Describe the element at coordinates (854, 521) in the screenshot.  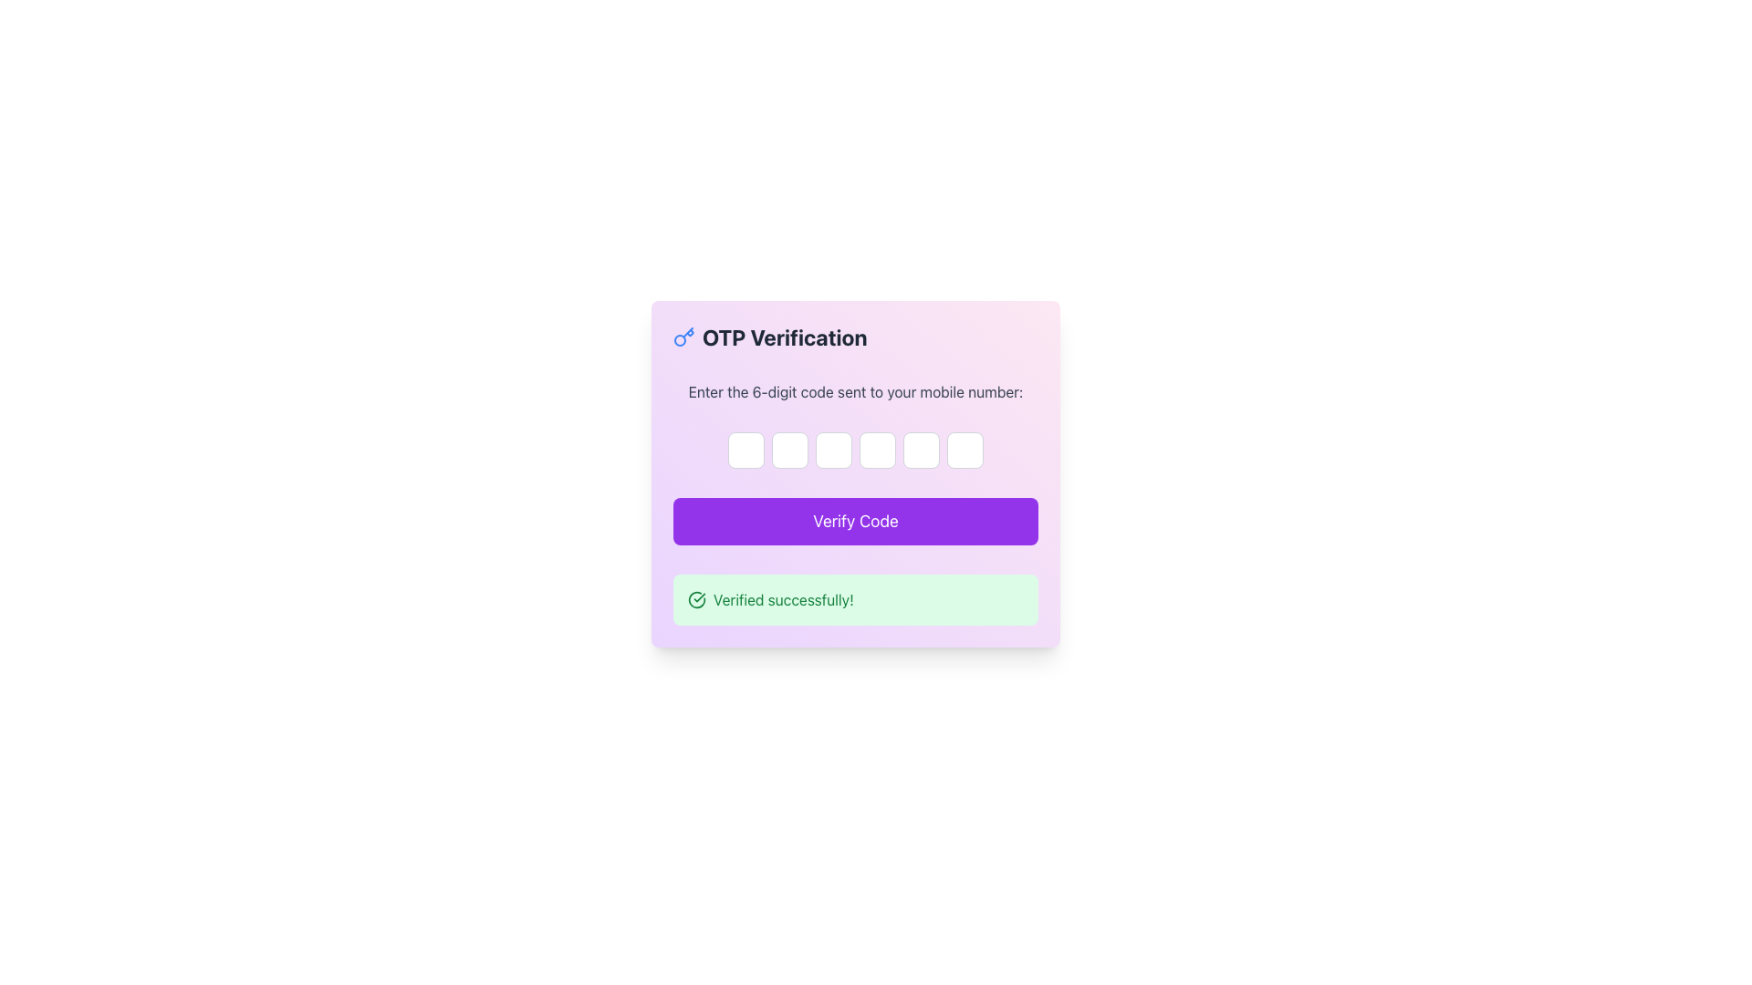
I see `the wide rectangular button with a bright purple background and white text that reads 'Verify Code'` at that location.